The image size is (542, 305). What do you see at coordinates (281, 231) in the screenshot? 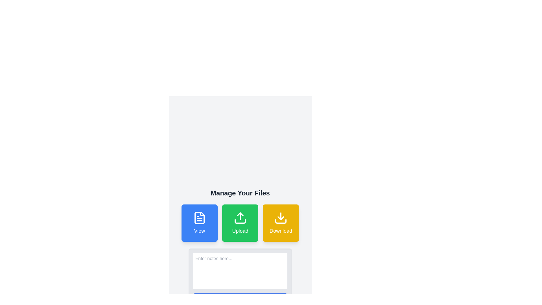
I see `the 'Download' text label within the yellow rectangular button, which is centrally aligned and styled in bold formatting` at bounding box center [281, 231].